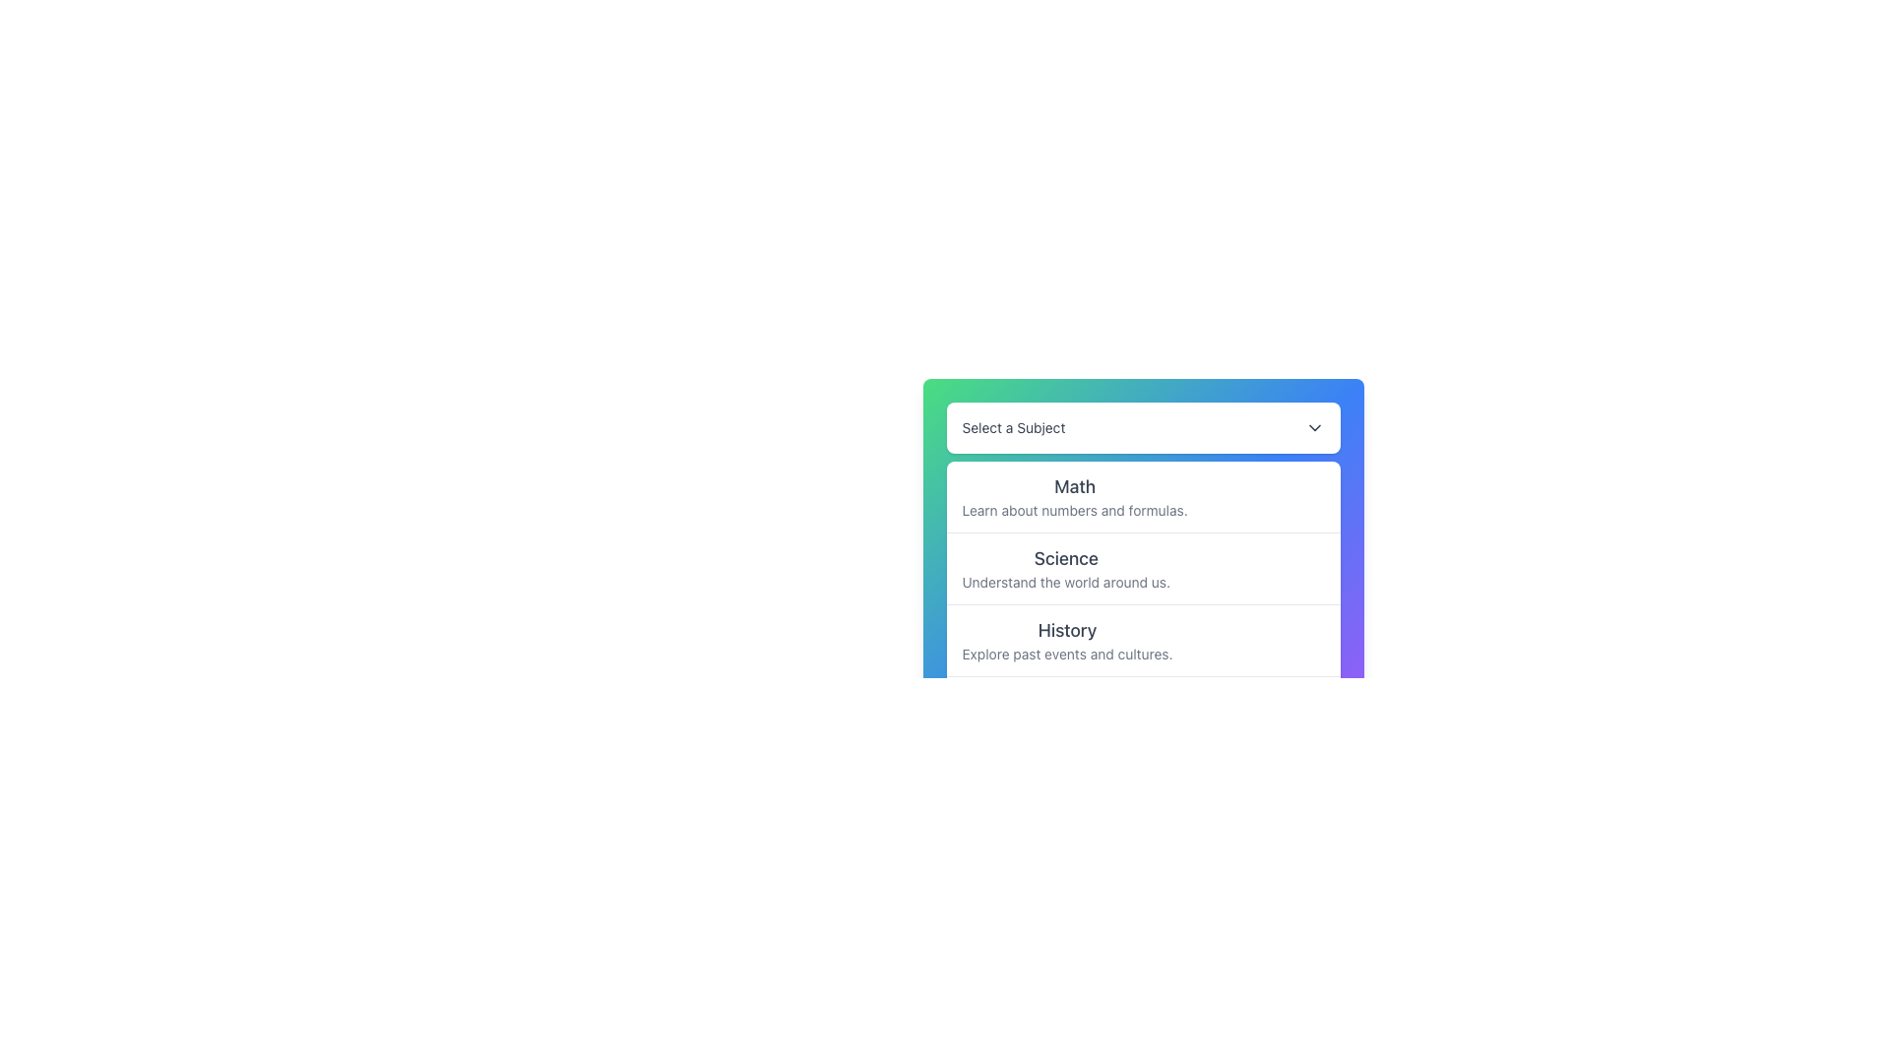  What do you see at coordinates (1143, 427) in the screenshot?
I see `the Dropdown trigger button located at the top of the list of options` at bounding box center [1143, 427].